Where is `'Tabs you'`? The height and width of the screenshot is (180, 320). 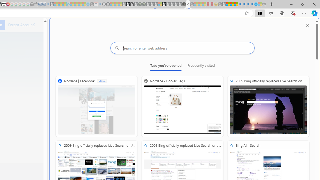
'Tabs you' is located at coordinates (166, 66).